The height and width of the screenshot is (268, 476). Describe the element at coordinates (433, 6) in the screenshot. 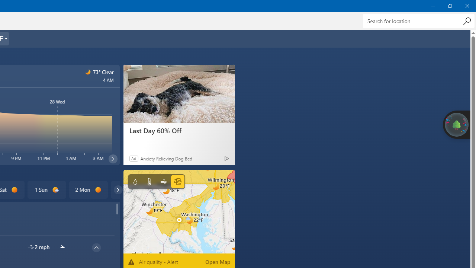

I see `'Minimize Weather'` at that location.